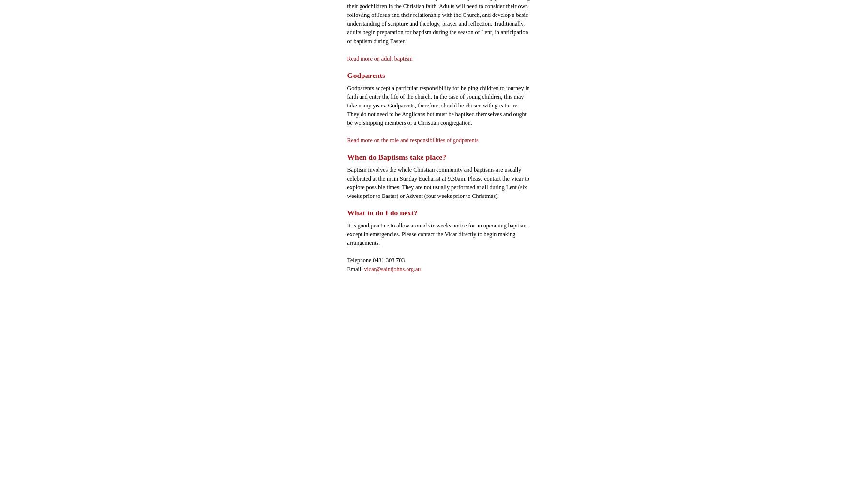 The image size is (859, 484). What do you see at coordinates (376, 260) in the screenshot?
I see `'Telephone 0431 308 703'` at bounding box center [376, 260].